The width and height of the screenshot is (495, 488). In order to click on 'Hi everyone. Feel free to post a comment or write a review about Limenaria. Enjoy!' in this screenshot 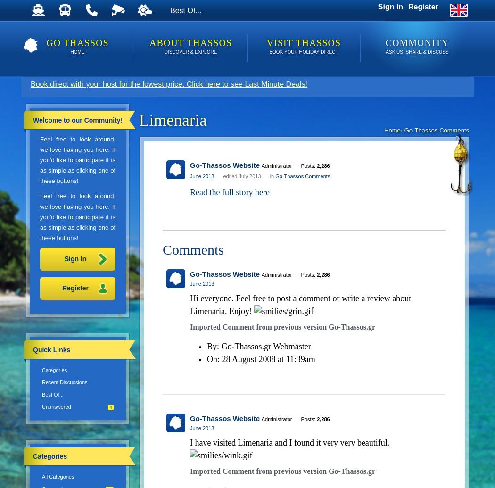, I will do `click(300, 304)`.